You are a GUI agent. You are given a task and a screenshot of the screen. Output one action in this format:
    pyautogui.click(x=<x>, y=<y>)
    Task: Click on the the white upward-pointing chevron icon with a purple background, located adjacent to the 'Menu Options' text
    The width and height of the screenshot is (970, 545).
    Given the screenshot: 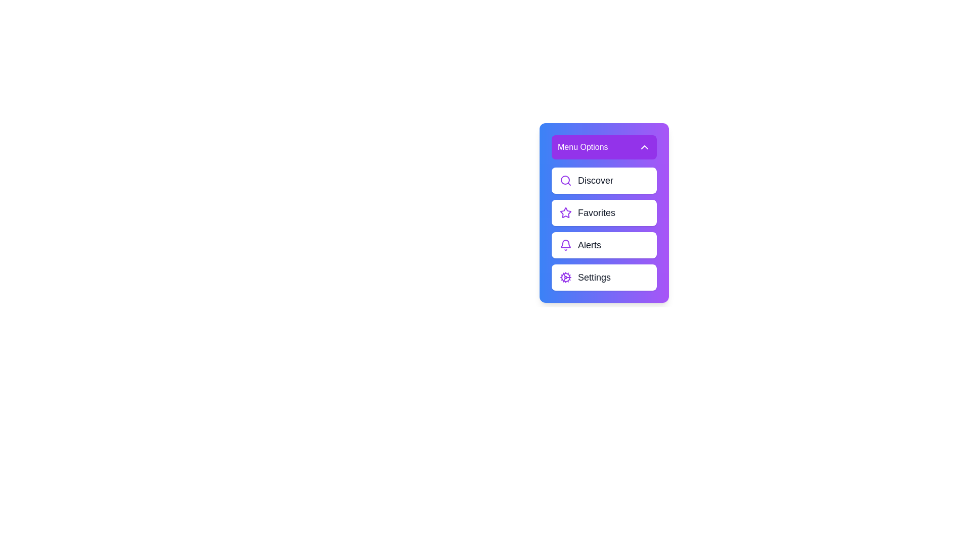 What is the action you would take?
    pyautogui.click(x=644, y=147)
    